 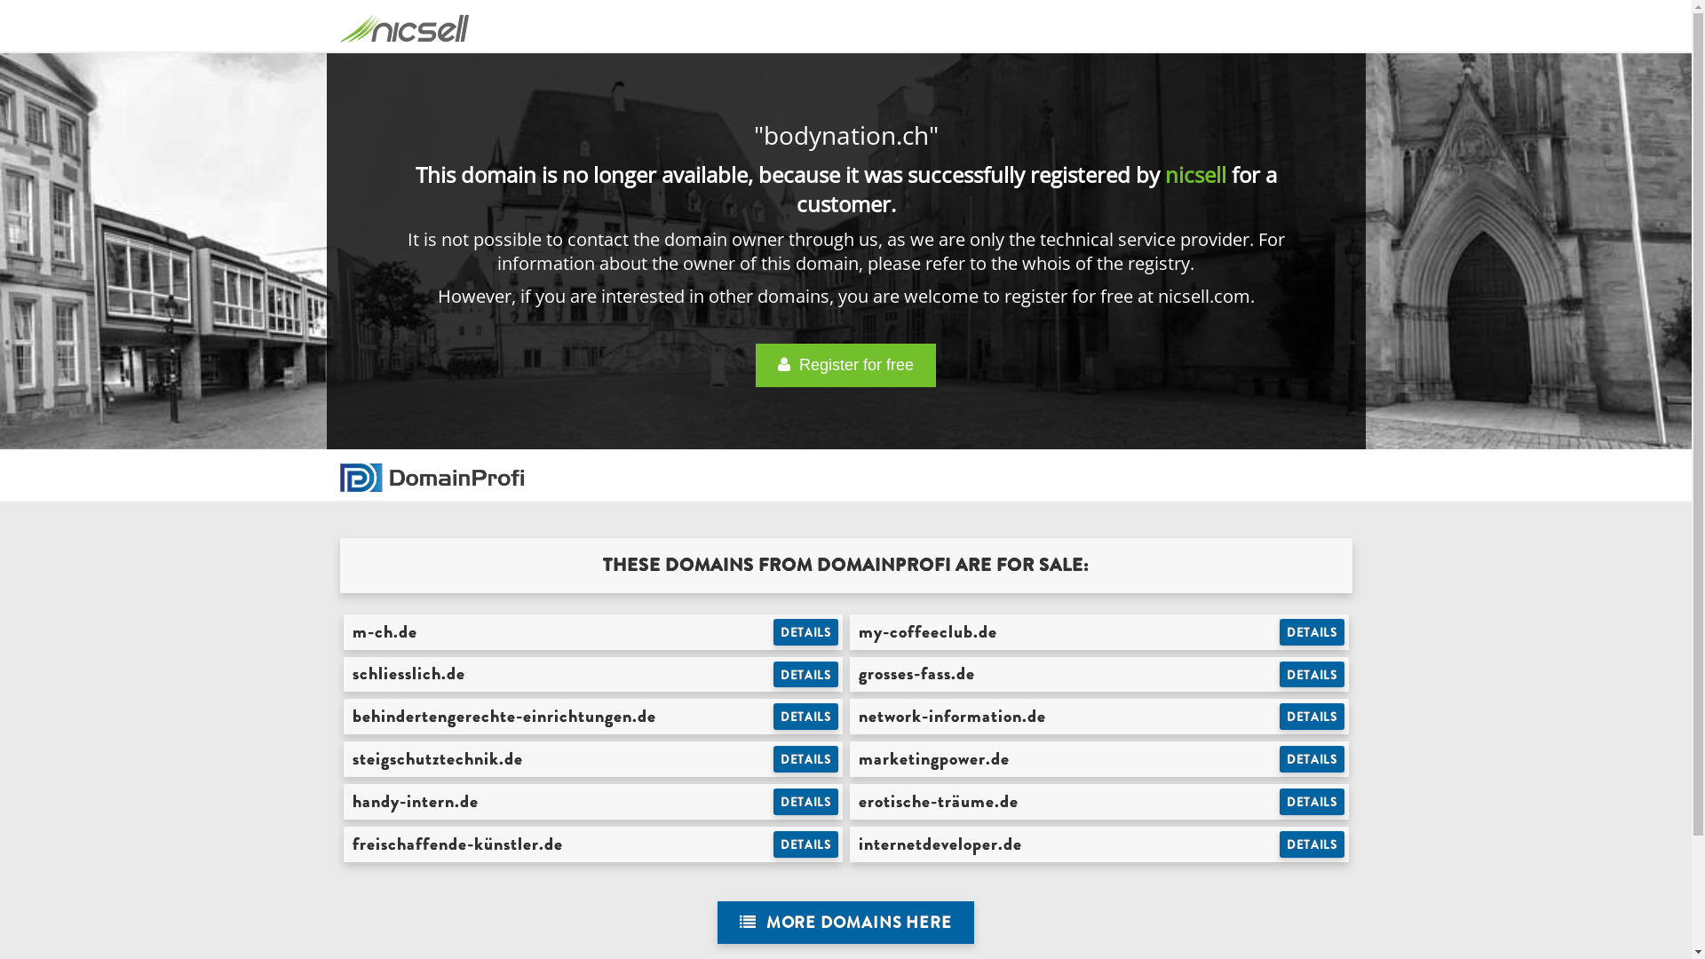 What do you see at coordinates (805, 844) in the screenshot?
I see `'DETAILS'` at bounding box center [805, 844].